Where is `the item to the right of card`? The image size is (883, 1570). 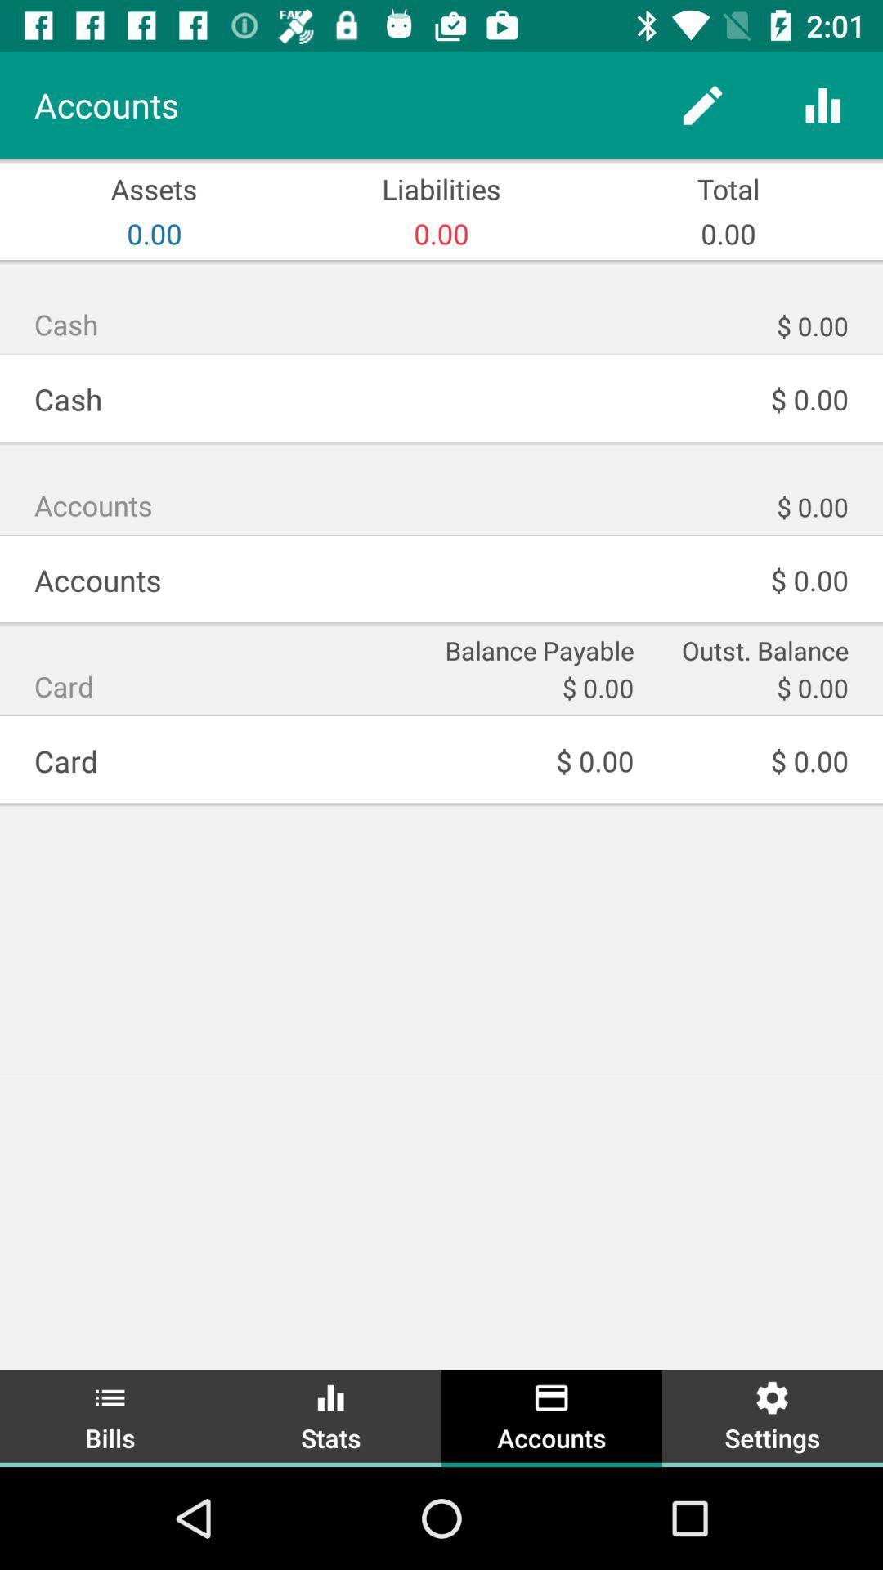
the item to the right of card is located at coordinates (537, 648).